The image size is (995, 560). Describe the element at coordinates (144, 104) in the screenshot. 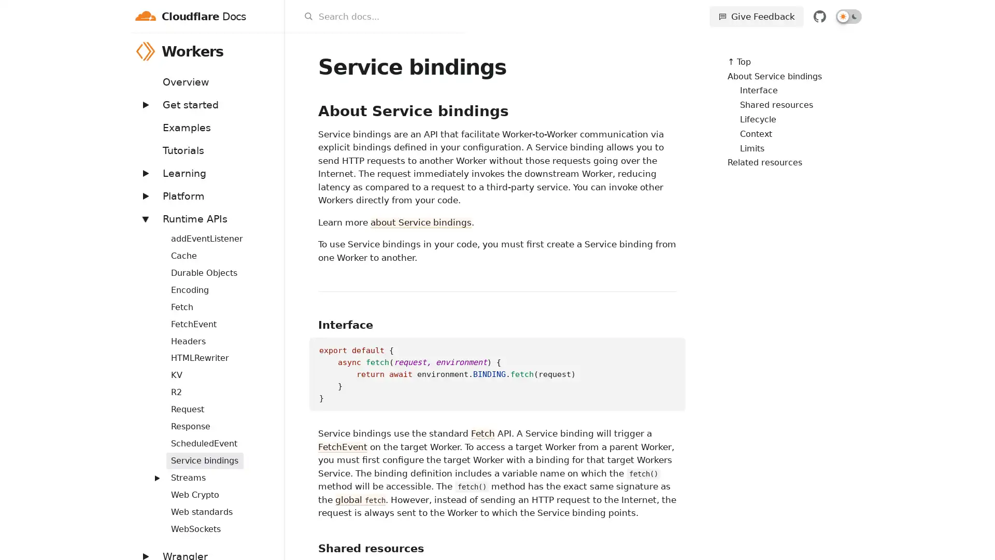

I see `Expand: Get started` at that location.